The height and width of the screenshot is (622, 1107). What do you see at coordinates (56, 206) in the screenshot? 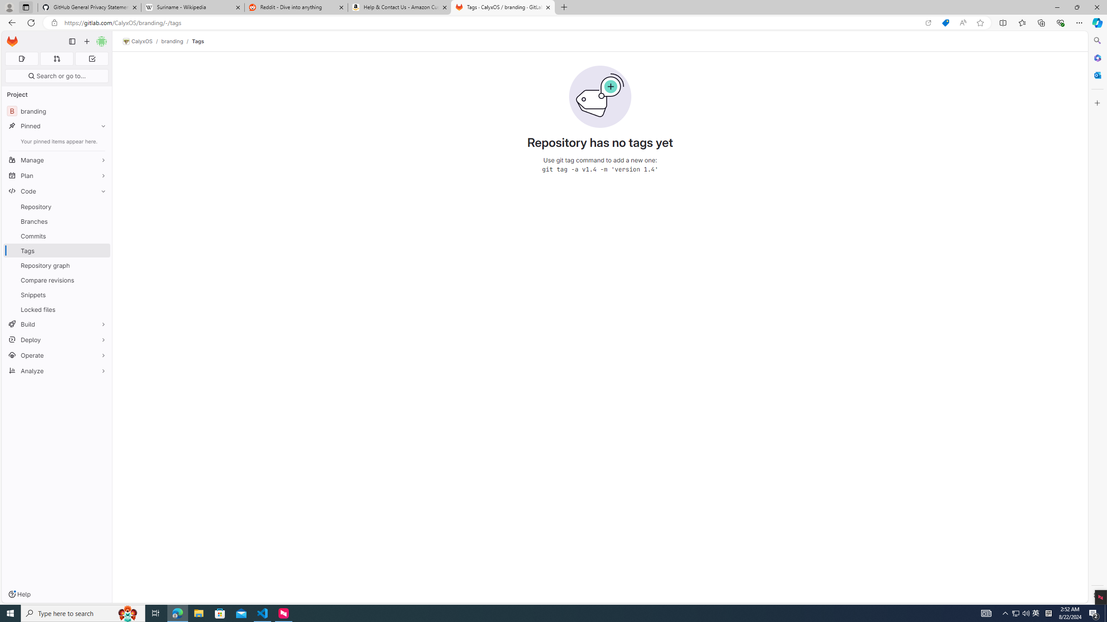
I see `'Repository'` at bounding box center [56, 206].